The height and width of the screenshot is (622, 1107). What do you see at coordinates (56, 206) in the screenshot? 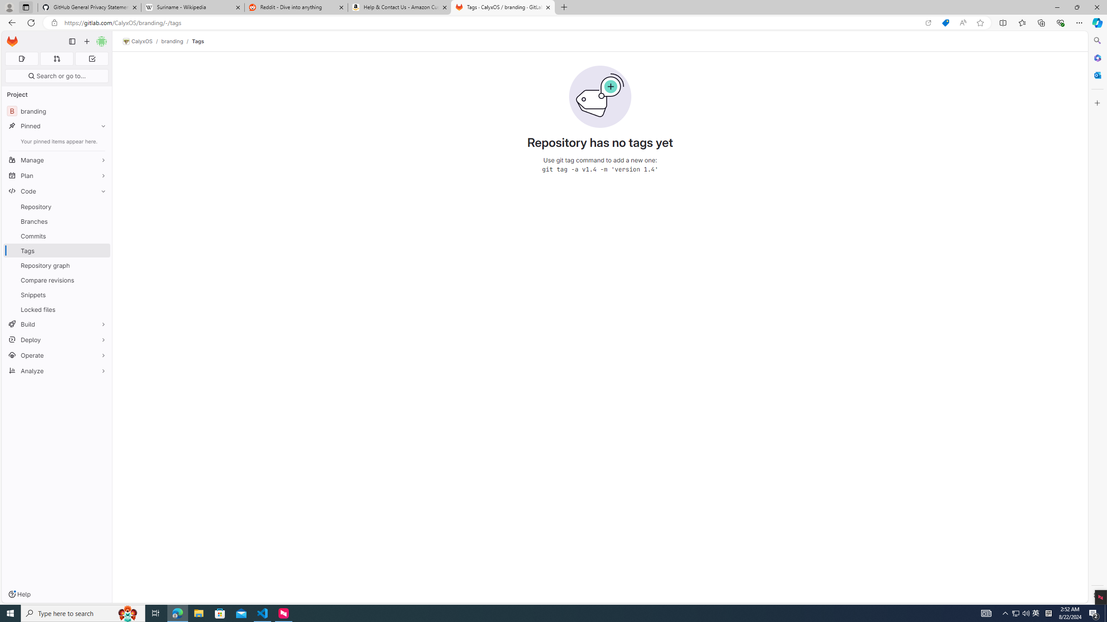
I see `'Repository'` at bounding box center [56, 206].